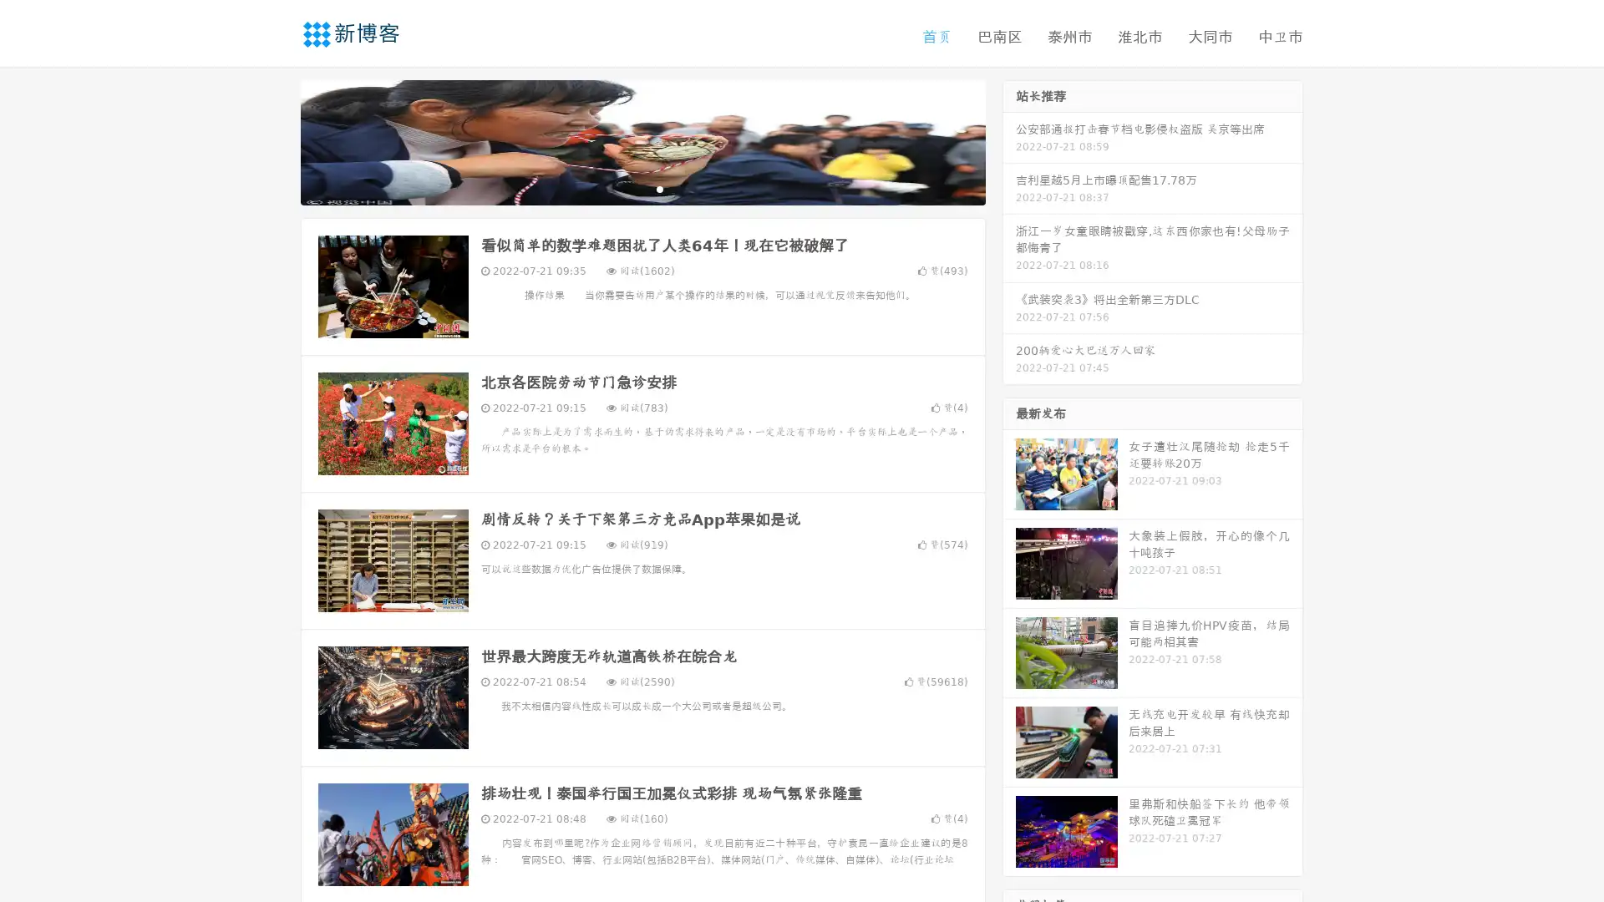  What do you see at coordinates (276, 140) in the screenshot?
I see `Previous slide` at bounding box center [276, 140].